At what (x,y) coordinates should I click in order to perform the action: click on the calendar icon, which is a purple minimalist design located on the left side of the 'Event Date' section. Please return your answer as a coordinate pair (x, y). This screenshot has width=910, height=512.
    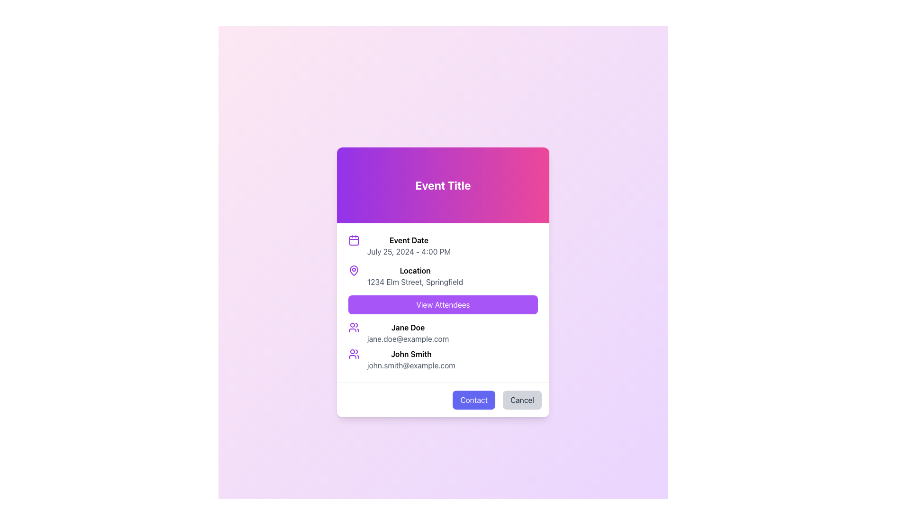
    Looking at the image, I should click on (354, 239).